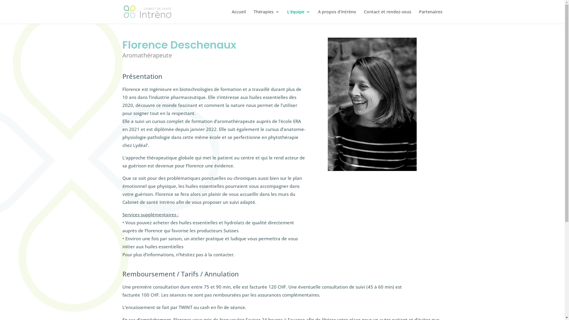  I want to click on 'Accueil', so click(239, 16).